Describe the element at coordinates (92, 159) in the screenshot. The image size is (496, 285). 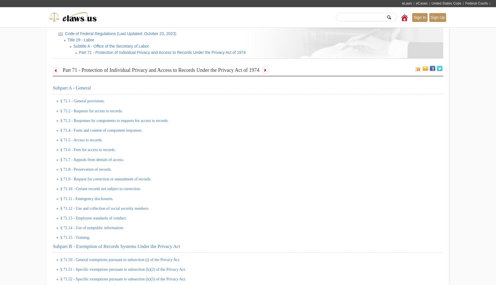
I see `'§ 71.7 - Appeals from denials of access.'` at that location.